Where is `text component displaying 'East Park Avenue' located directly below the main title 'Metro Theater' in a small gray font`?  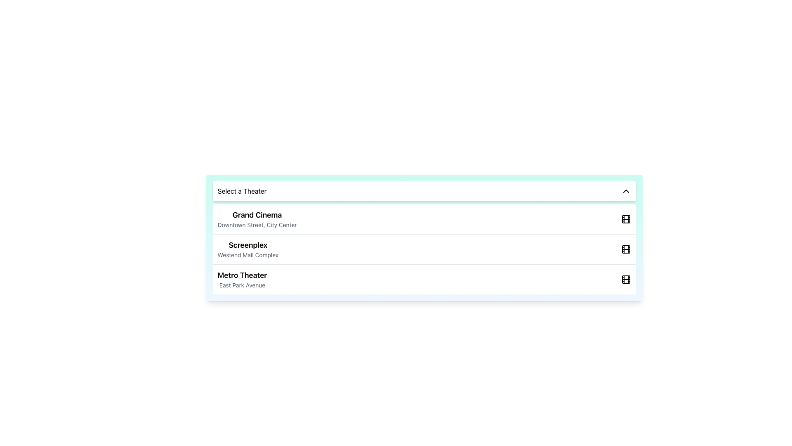
text component displaying 'East Park Avenue' located directly below the main title 'Metro Theater' in a small gray font is located at coordinates (242, 285).